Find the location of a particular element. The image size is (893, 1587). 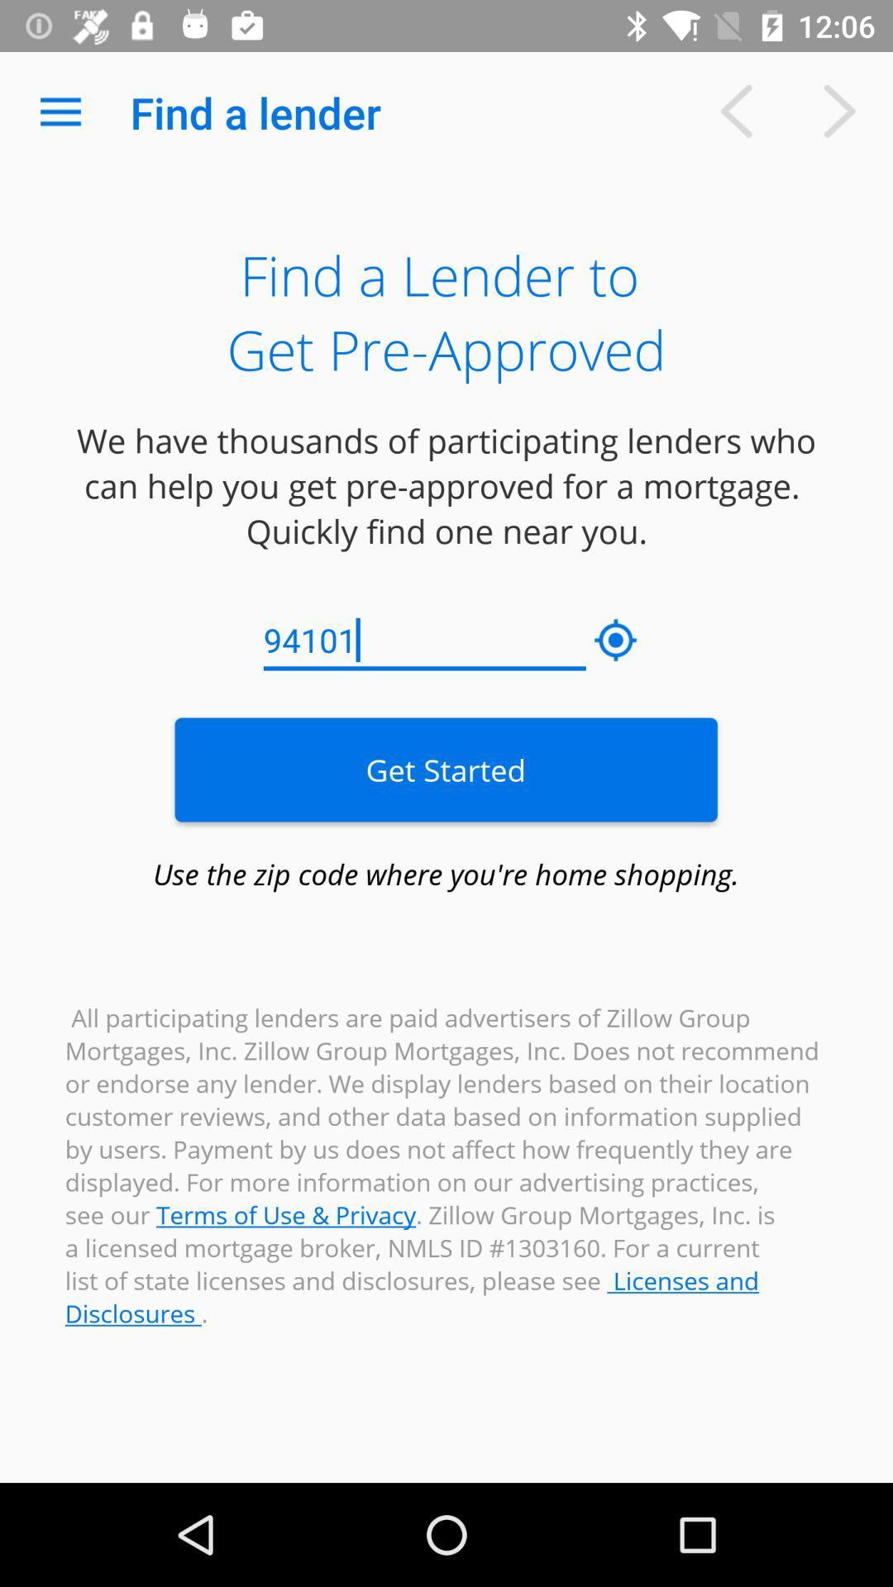

the icon below the we have thousands icon is located at coordinates (423, 640).